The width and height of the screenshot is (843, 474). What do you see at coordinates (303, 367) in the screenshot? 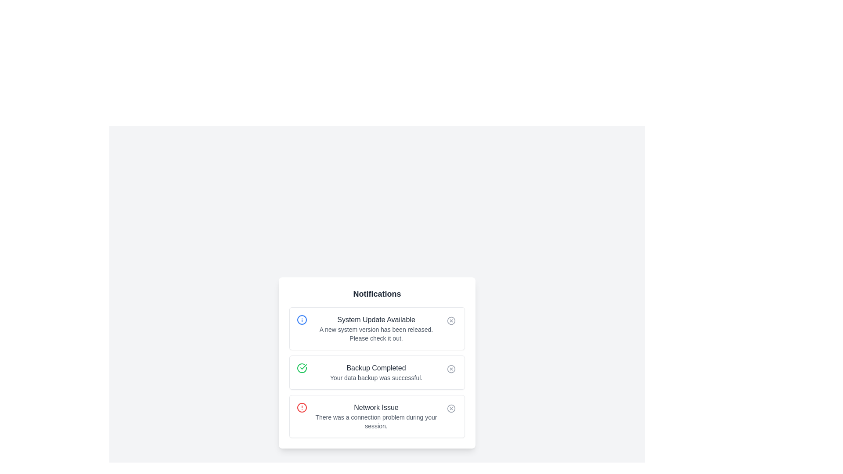
I see `the green checkmark icon representing the success of a backup action in the second notification row titled 'Backup Completed'` at bounding box center [303, 367].